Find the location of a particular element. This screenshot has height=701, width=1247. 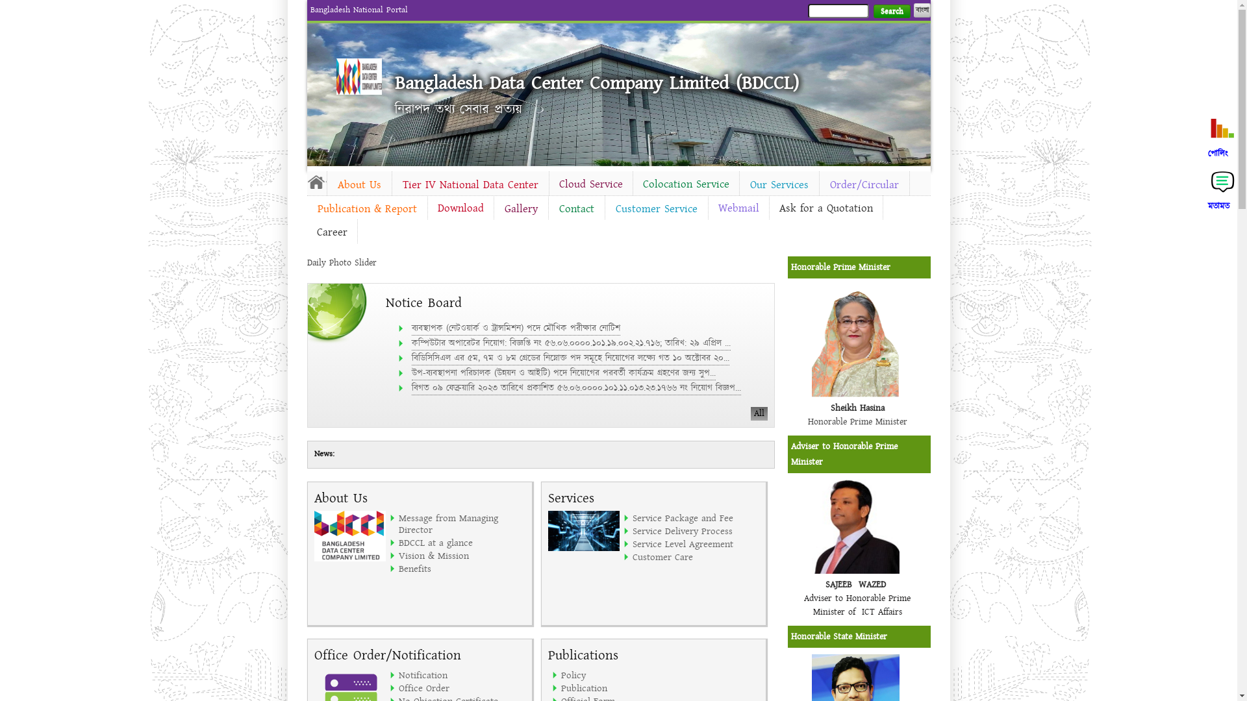

'Colocation Service' is located at coordinates (633, 184).